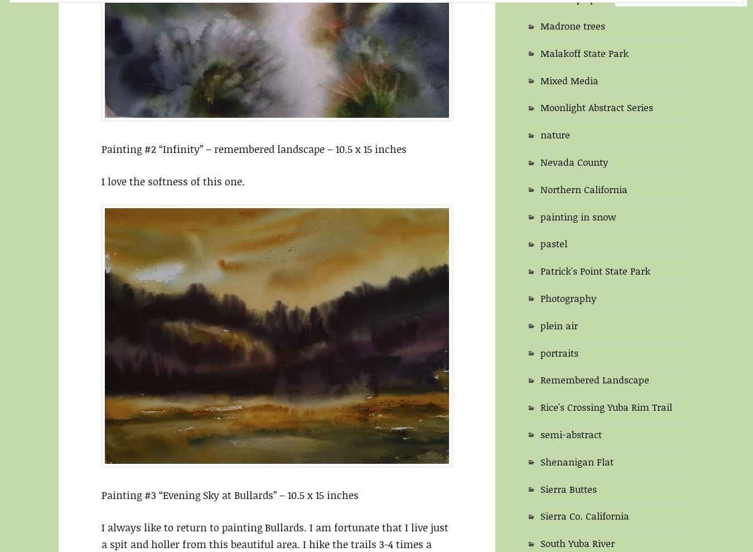 The width and height of the screenshot is (753, 552). Describe the element at coordinates (568, 297) in the screenshot. I see `'Photography'` at that location.